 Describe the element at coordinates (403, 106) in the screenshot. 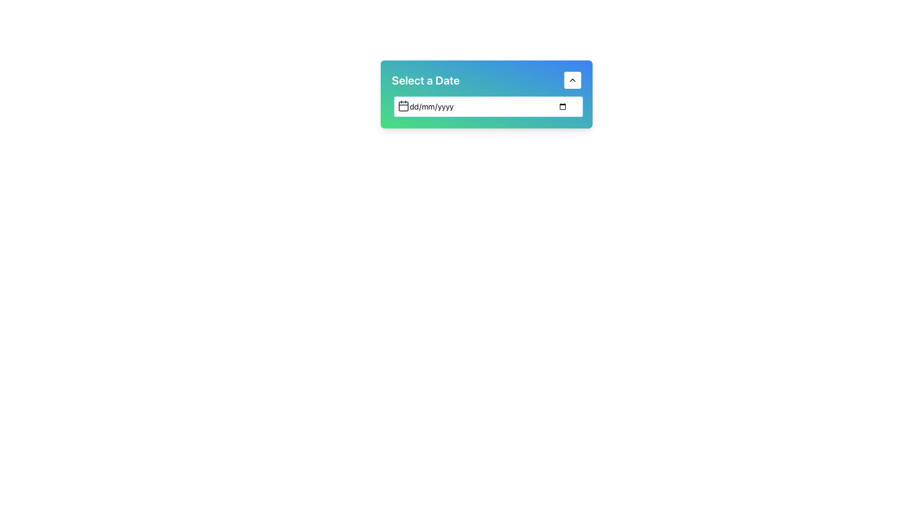

I see `the small calendar icon with a dark gray outline and rounded edges, located to the left of the date input box` at that location.